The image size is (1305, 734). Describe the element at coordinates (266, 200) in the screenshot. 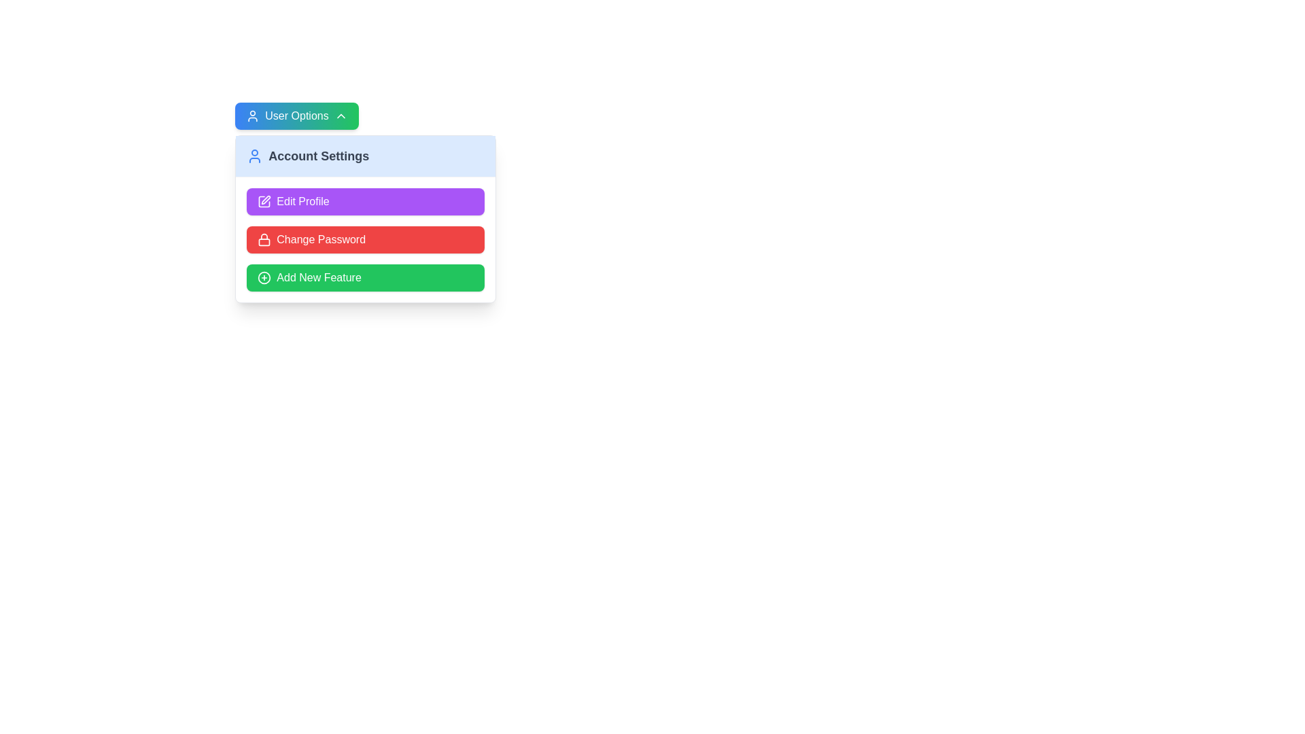

I see `the edit icon inside the 'Edit Profile' button located in the 'Account Settings' dropdown menu` at that location.